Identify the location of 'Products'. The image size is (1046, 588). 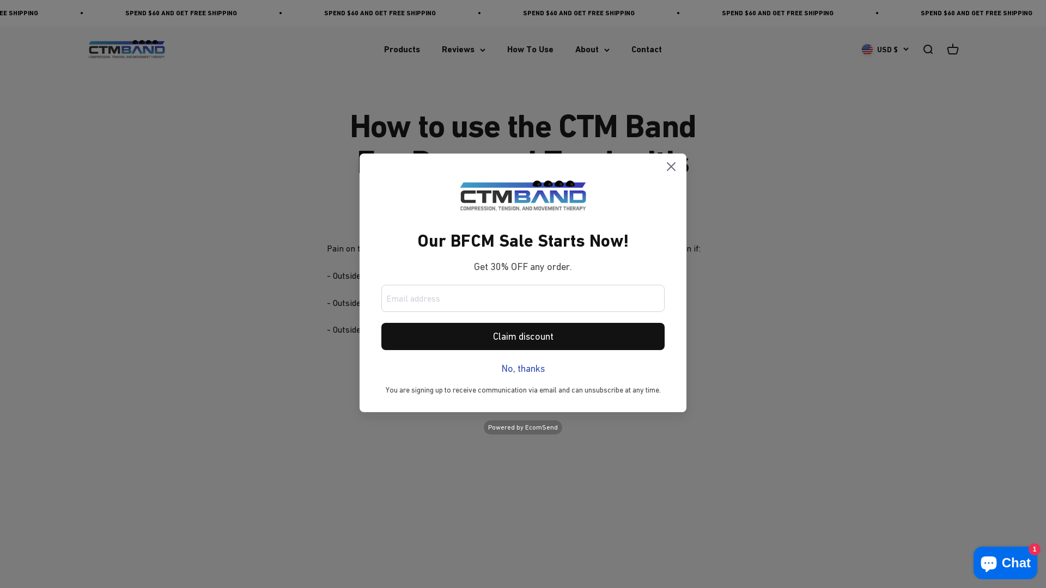
(402, 50).